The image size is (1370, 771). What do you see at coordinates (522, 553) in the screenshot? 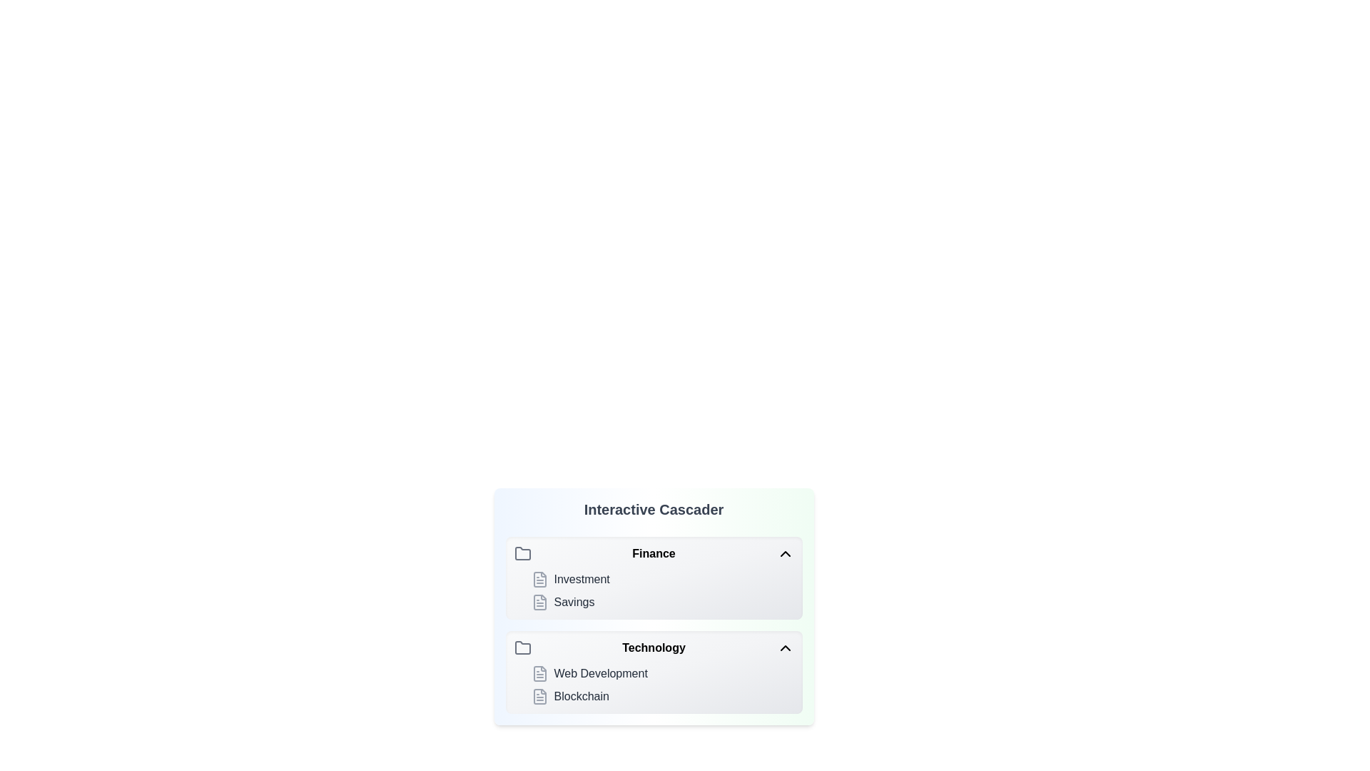
I see `the folder icon representing the 'Finance' category, which is positioned to the far left next to the 'Finance' label` at bounding box center [522, 553].